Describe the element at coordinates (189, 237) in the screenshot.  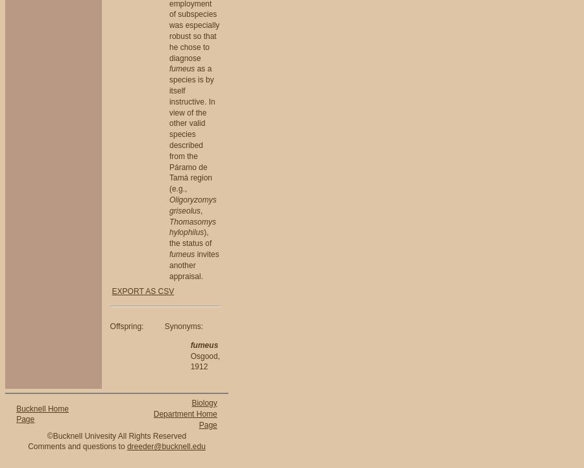
I see `'), the status of'` at that location.